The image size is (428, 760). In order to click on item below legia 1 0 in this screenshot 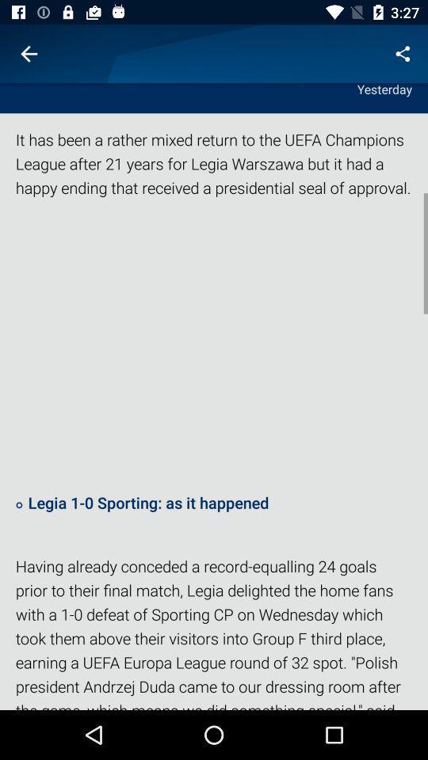, I will do `click(214, 632)`.